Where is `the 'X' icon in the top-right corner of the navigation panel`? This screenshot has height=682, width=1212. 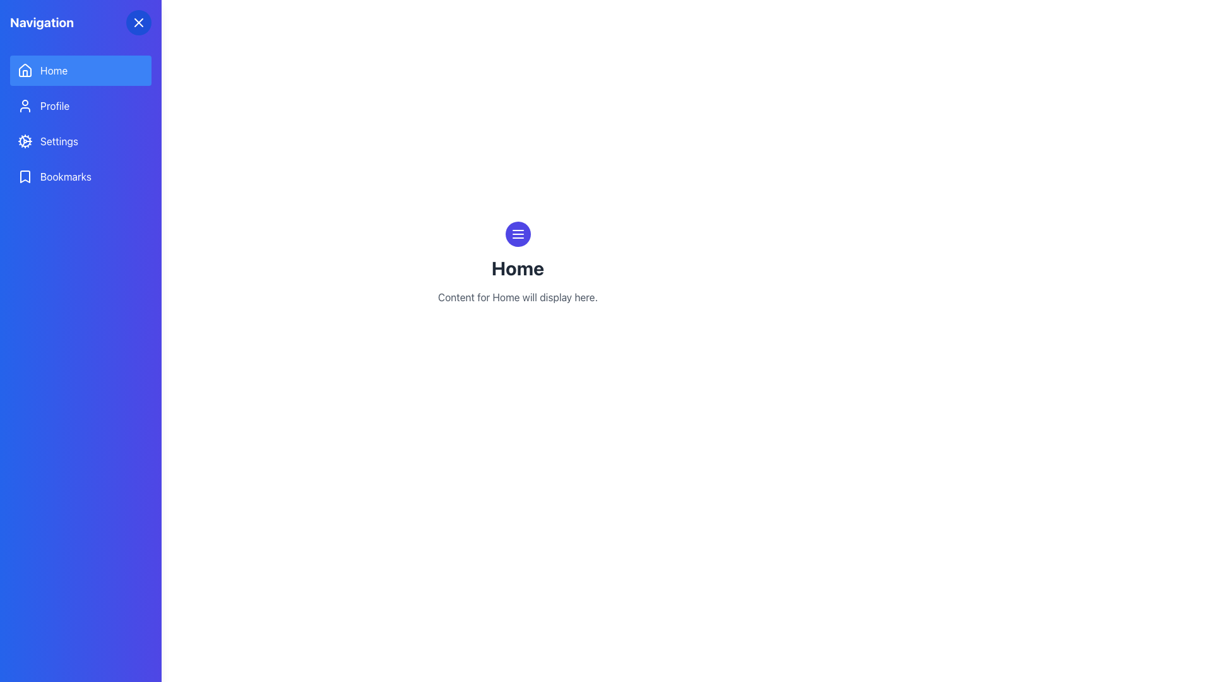 the 'X' icon in the top-right corner of the navigation panel is located at coordinates (139, 22).